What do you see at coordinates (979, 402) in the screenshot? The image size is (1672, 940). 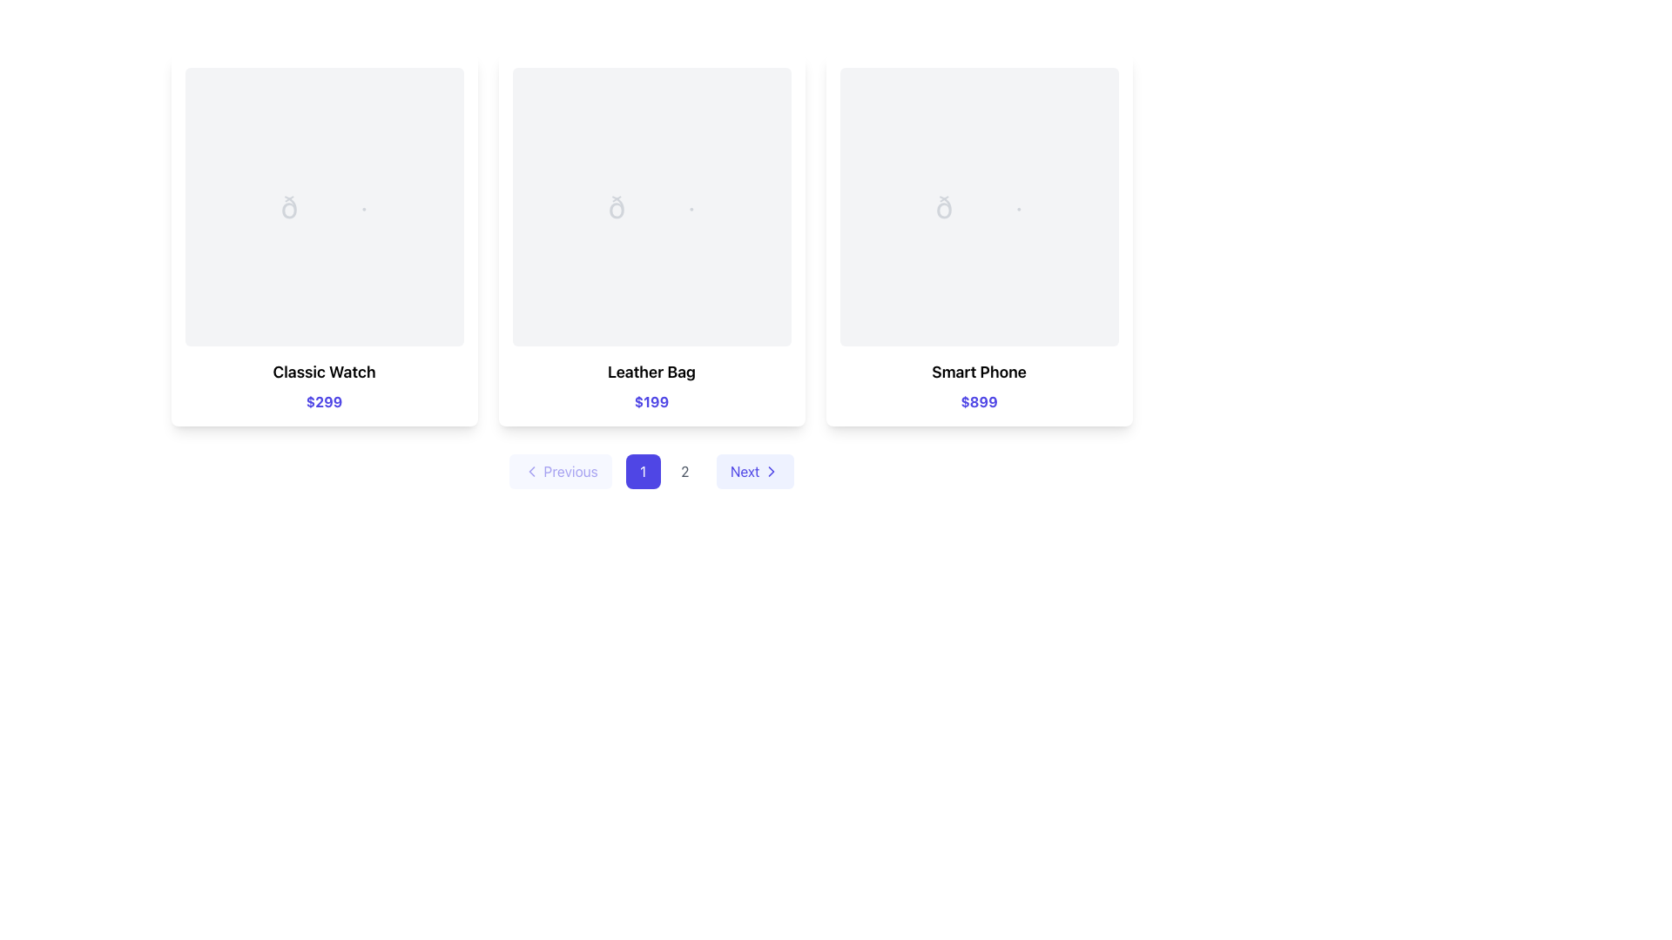 I see `the price text label displayed at the bottom of the 'Smart Phone' product card, which provides key pricing information` at bounding box center [979, 402].